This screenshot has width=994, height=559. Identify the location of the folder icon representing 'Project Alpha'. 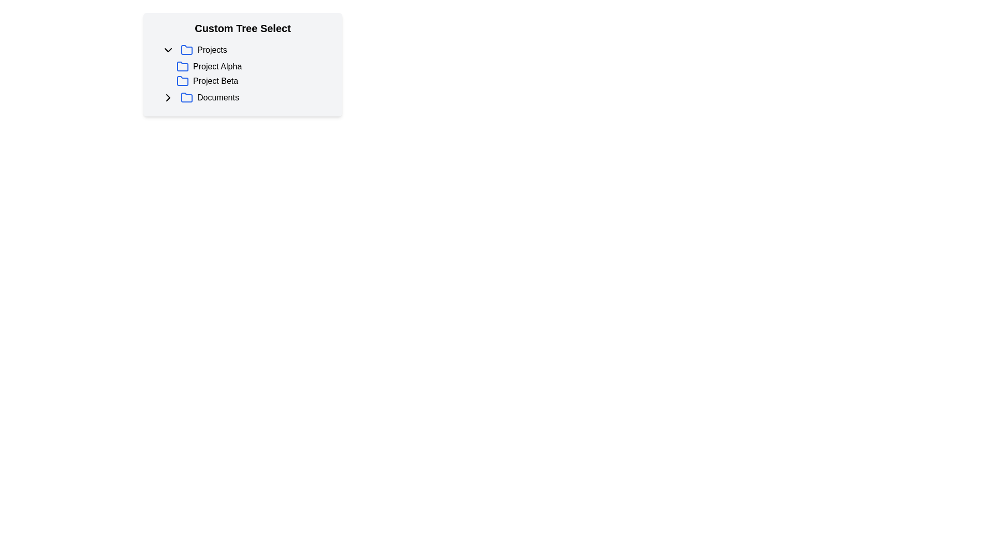
(183, 66).